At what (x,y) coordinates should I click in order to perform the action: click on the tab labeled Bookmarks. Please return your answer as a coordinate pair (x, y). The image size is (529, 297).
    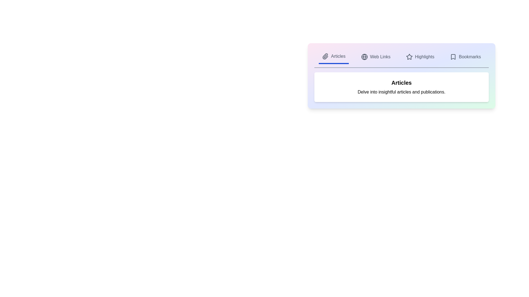
    Looking at the image, I should click on (465, 57).